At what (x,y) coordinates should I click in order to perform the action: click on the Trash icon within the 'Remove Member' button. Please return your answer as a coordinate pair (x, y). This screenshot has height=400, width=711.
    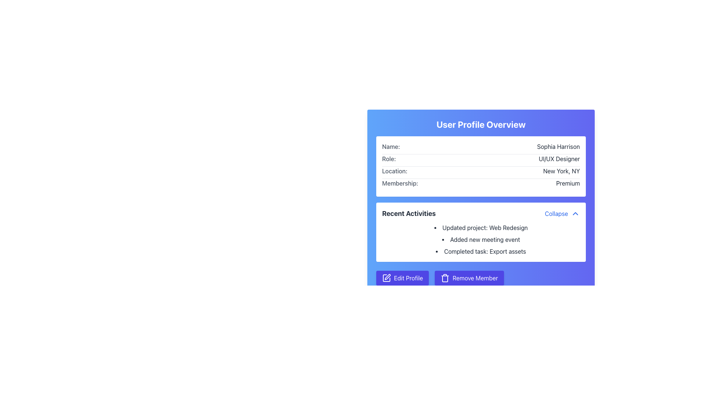
    Looking at the image, I should click on (445, 278).